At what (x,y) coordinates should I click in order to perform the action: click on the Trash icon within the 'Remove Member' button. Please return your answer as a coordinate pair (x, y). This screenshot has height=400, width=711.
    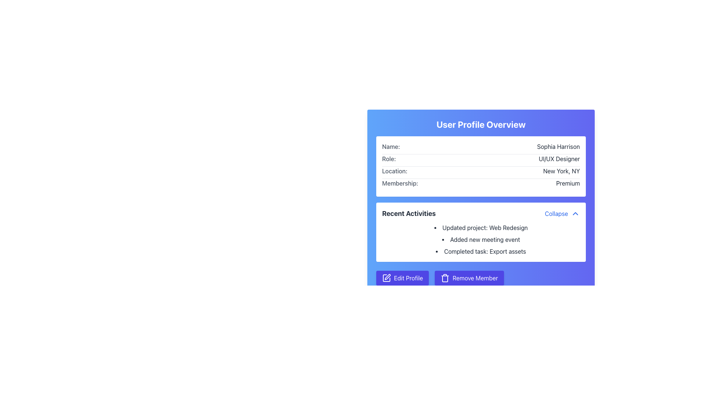
    Looking at the image, I should click on (445, 278).